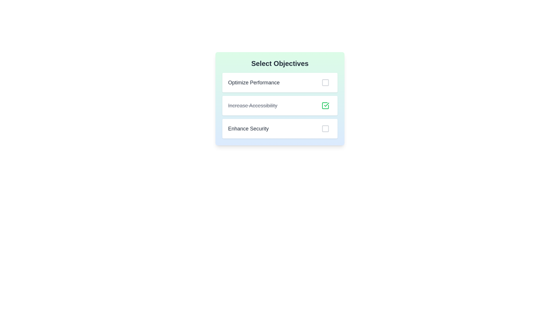 This screenshot has width=553, height=311. What do you see at coordinates (325, 128) in the screenshot?
I see `the checkbox element, which is the third in a vertical list aligned to the right of the 'Enhance Security' text, to toggle its state quickly` at bounding box center [325, 128].